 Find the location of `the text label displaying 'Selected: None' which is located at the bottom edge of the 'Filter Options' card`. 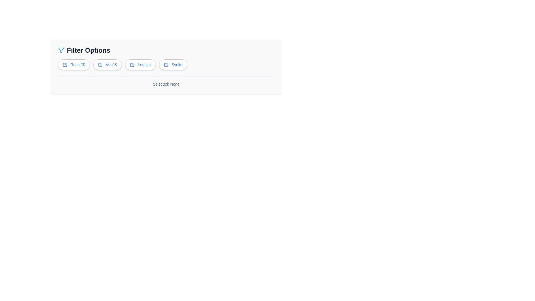

the text label displaying 'Selected: None' which is located at the bottom edge of the 'Filter Options' card is located at coordinates (166, 82).